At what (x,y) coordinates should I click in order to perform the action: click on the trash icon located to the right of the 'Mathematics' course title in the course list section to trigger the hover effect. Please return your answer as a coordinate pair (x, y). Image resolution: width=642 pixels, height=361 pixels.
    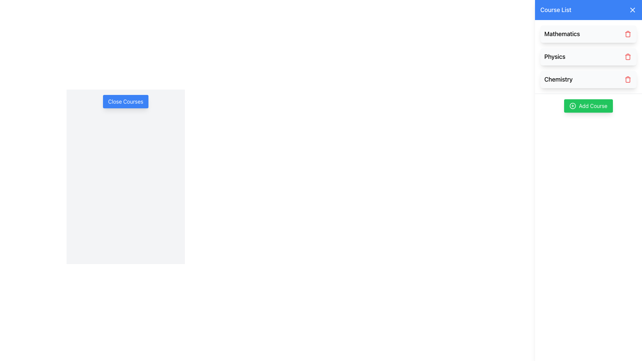
    Looking at the image, I should click on (627, 34).